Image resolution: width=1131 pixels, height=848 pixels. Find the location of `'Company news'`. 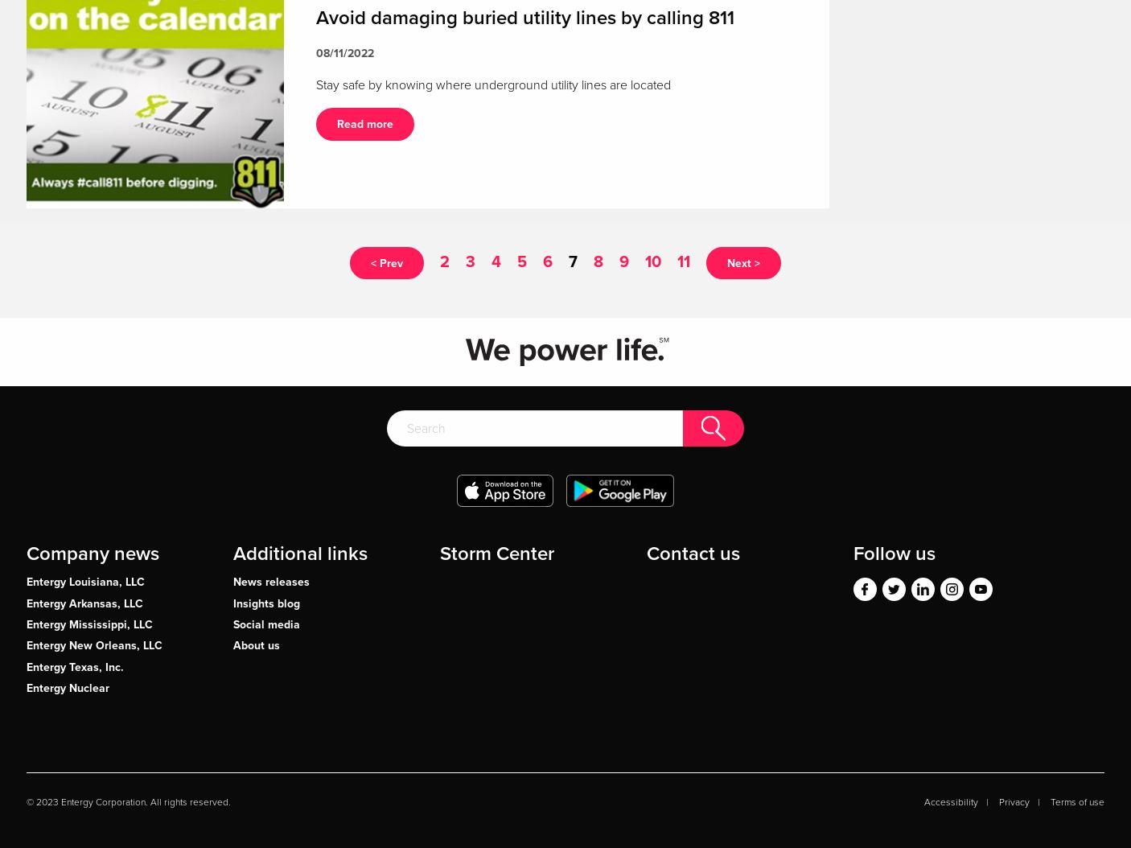

'Company news' is located at coordinates (92, 553).